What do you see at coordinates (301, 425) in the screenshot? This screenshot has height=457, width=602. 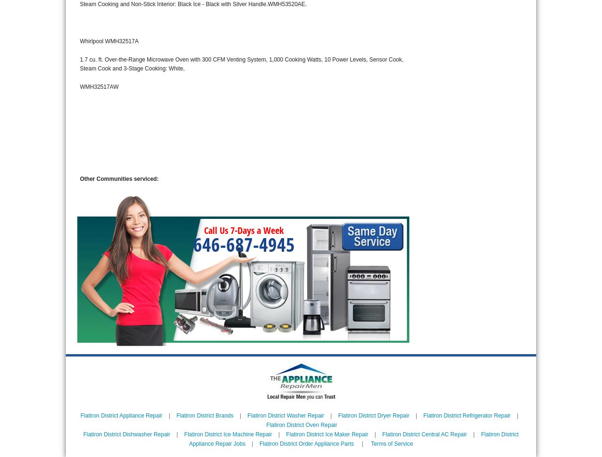 I see `'Flatiron District Oven Repair'` at bounding box center [301, 425].